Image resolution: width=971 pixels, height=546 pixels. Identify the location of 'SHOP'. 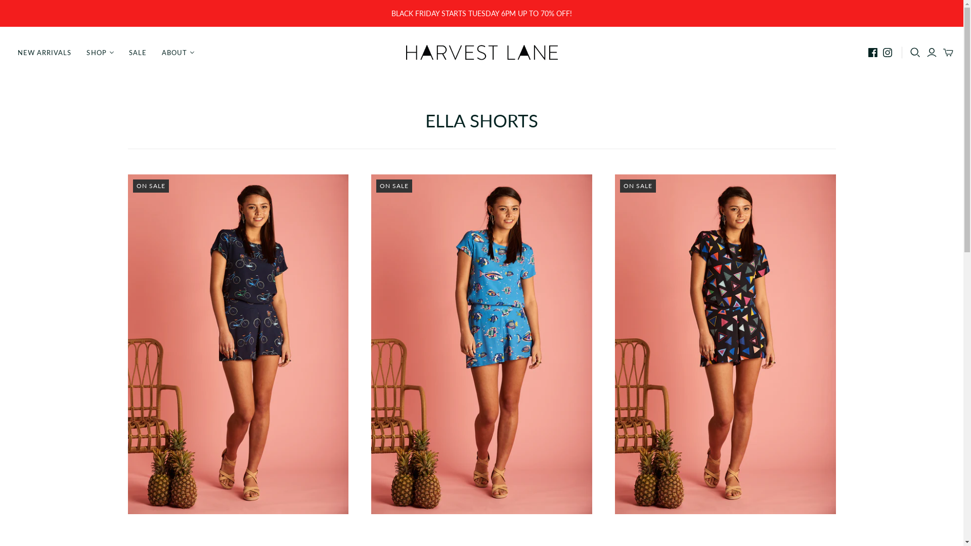
(78, 53).